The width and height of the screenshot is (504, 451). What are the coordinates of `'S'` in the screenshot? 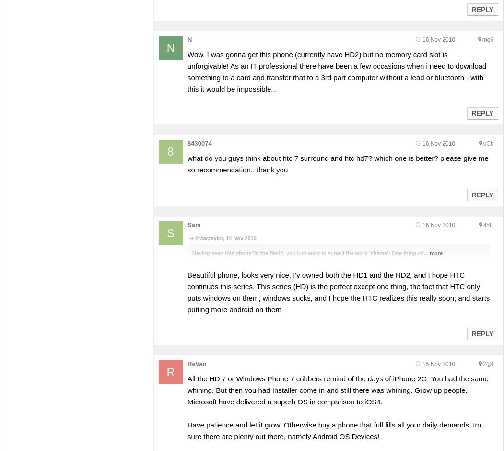 It's located at (166, 232).